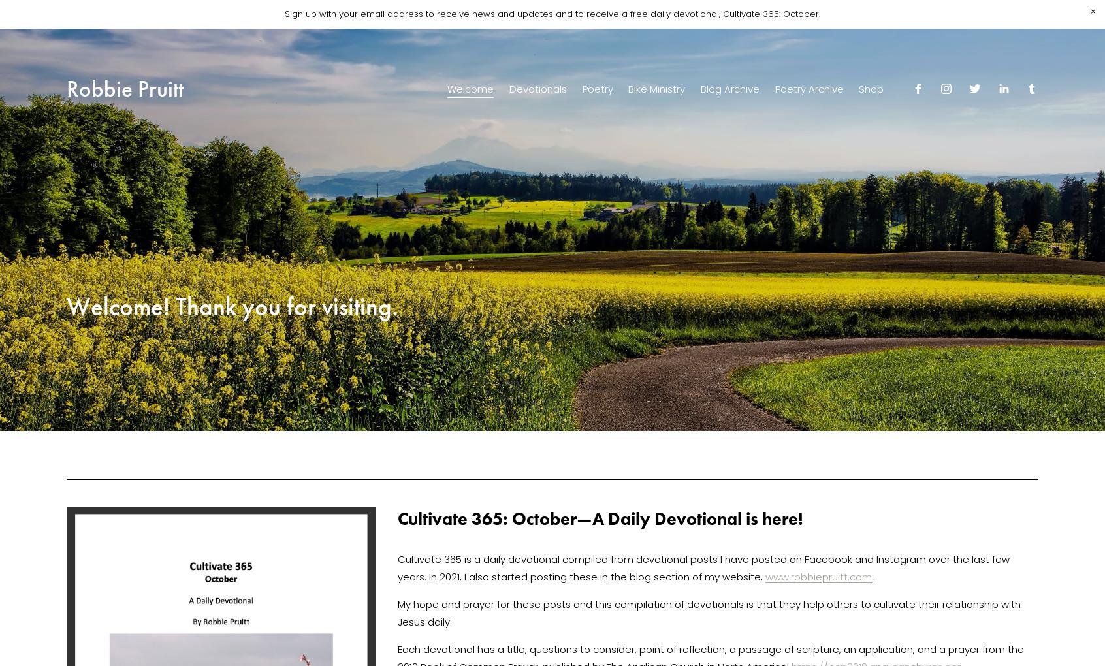 The height and width of the screenshot is (666, 1105). What do you see at coordinates (123, 88) in the screenshot?
I see `'Robbie Pruitt'` at bounding box center [123, 88].